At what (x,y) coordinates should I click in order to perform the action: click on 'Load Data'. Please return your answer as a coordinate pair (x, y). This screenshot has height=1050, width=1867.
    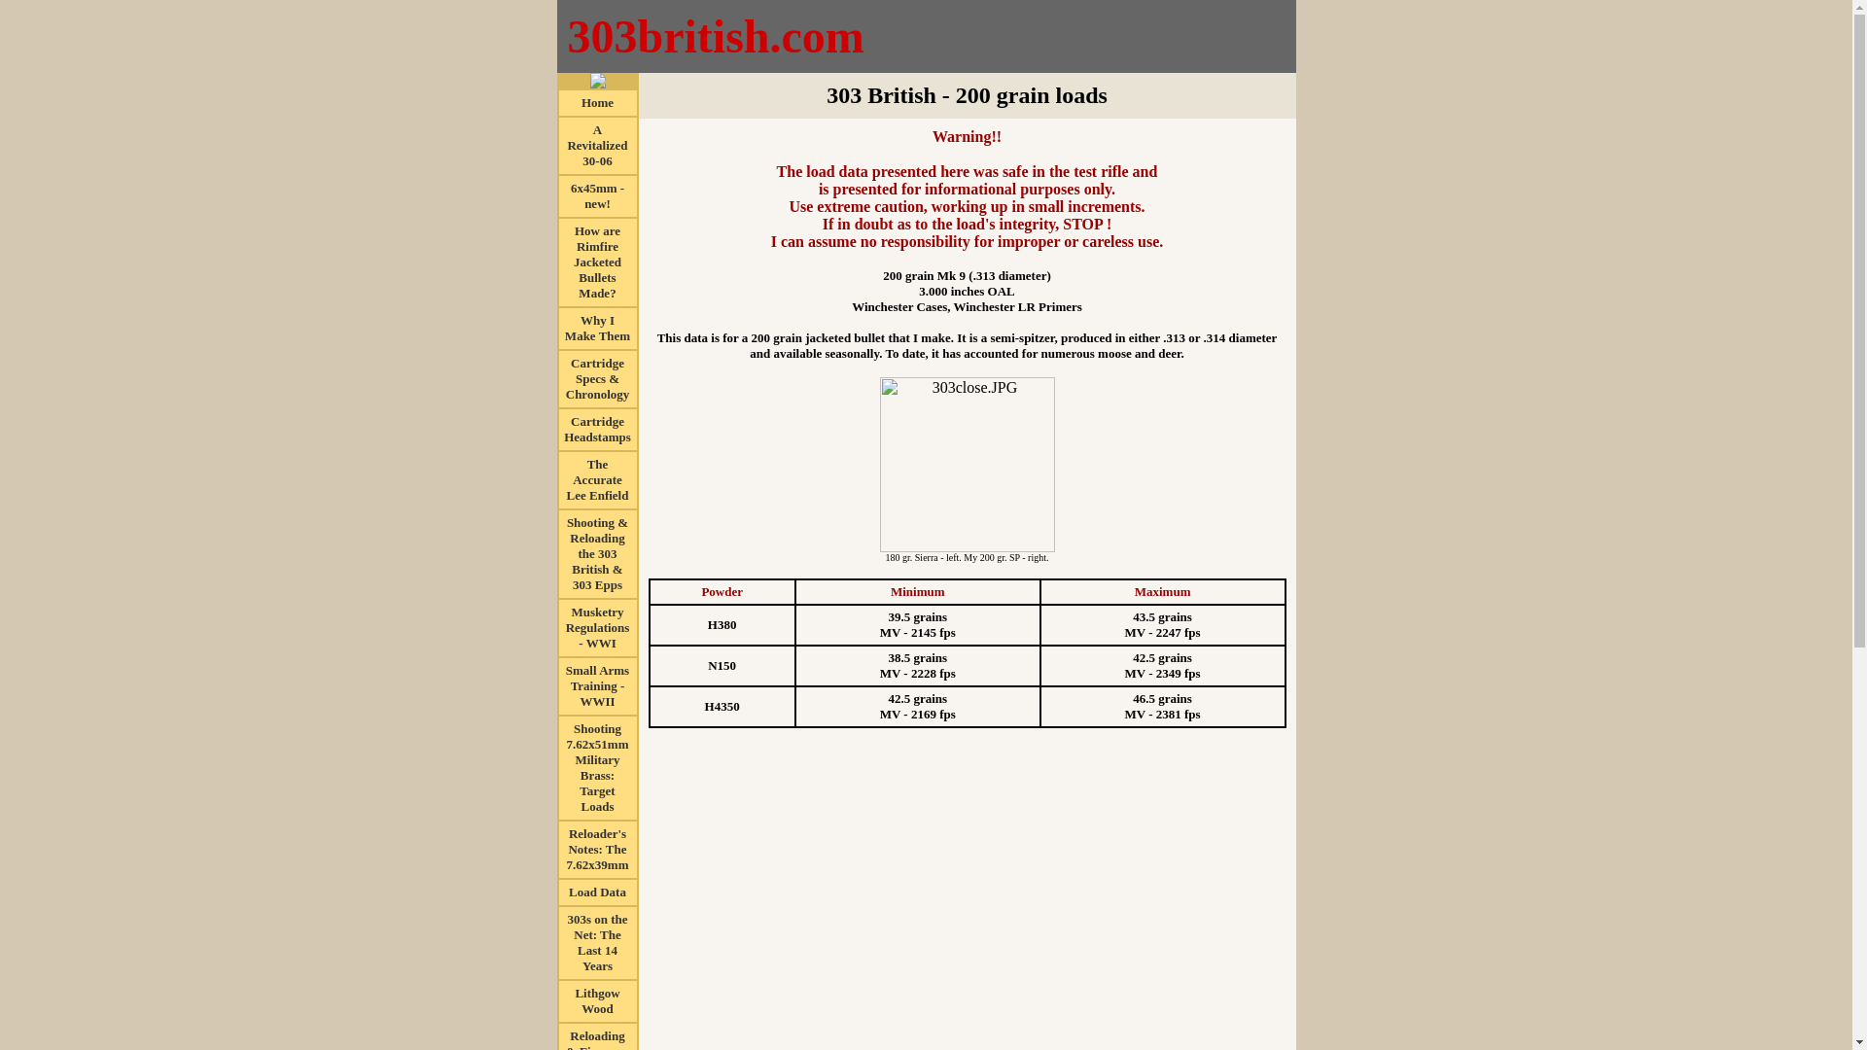
    Looking at the image, I should click on (596, 891).